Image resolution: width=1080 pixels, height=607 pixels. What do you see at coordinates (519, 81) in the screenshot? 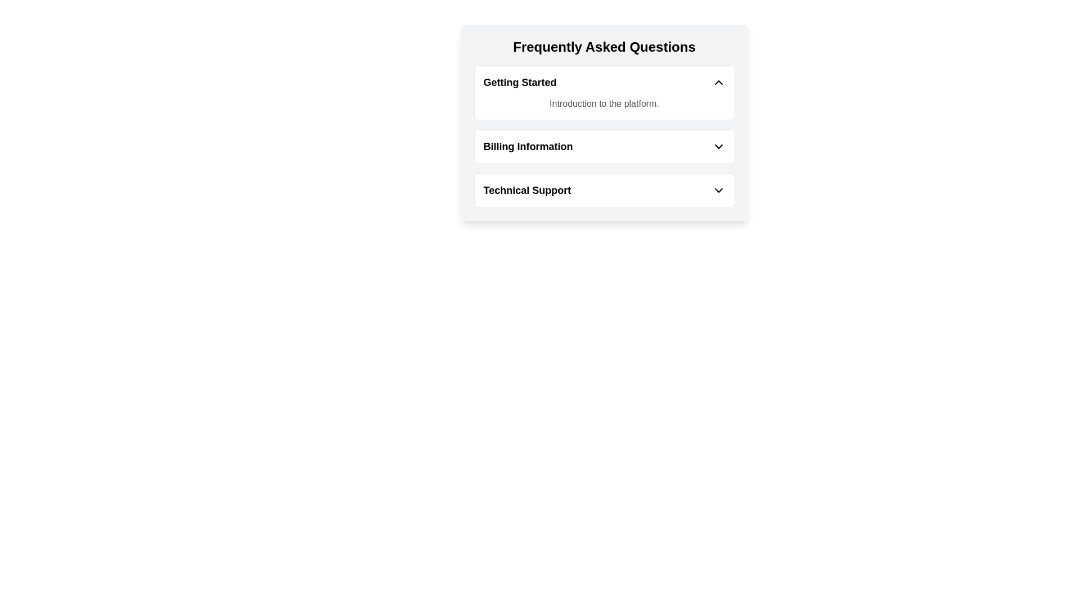
I see `the bold text heading 'Getting Started'` at bounding box center [519, 81].